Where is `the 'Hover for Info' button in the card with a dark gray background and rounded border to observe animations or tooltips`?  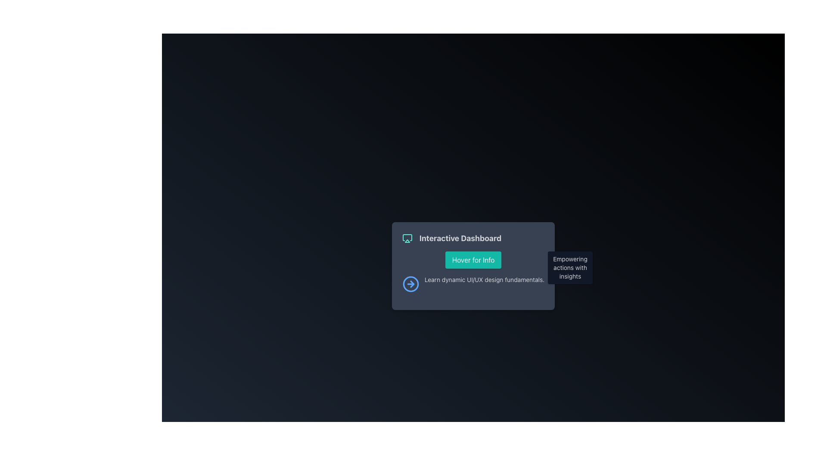
the 'Hover for Info' button in the card with a dark gray background and rounded border to observe animations or tooltips is located at coordinates (473, 265).